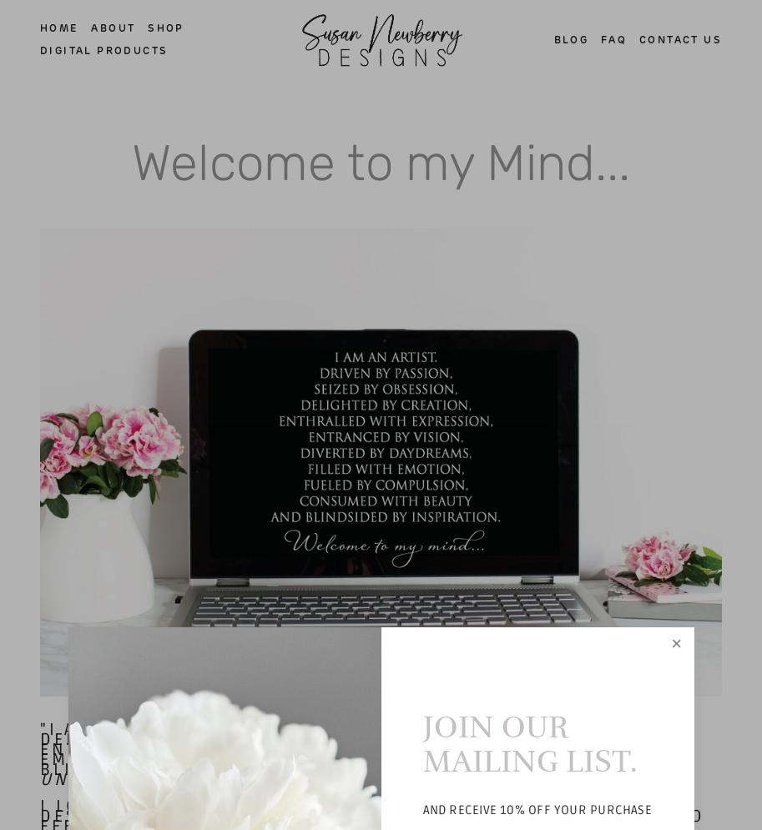  I want to click on 'Digital Products', so click(103, 49).